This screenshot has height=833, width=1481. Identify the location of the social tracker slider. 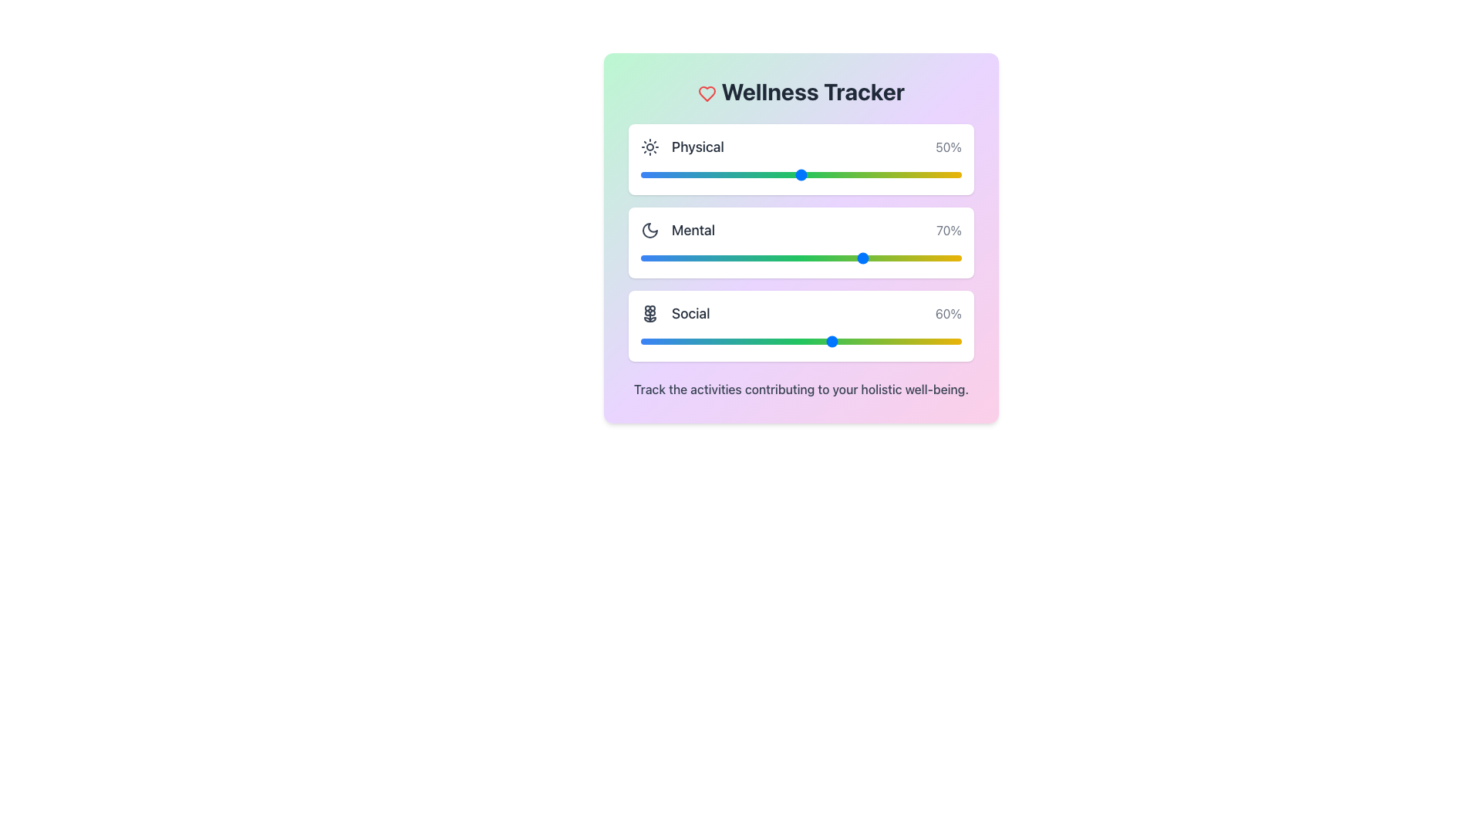
(807, 341).